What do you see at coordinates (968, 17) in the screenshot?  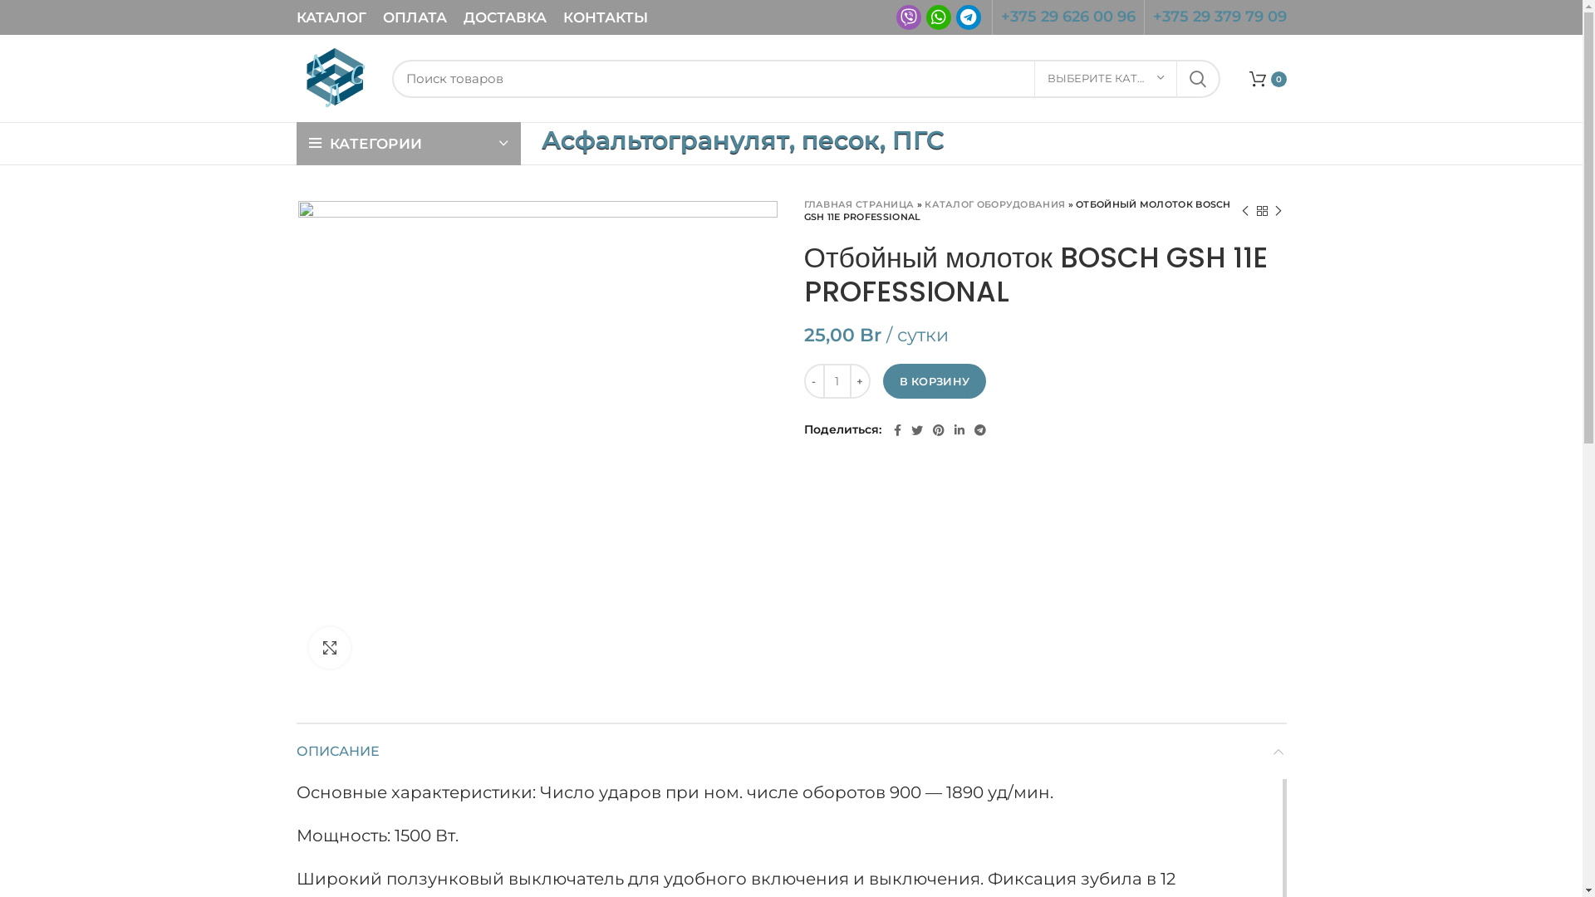 I see `'Telegram'` at bounding box center [968, 17].